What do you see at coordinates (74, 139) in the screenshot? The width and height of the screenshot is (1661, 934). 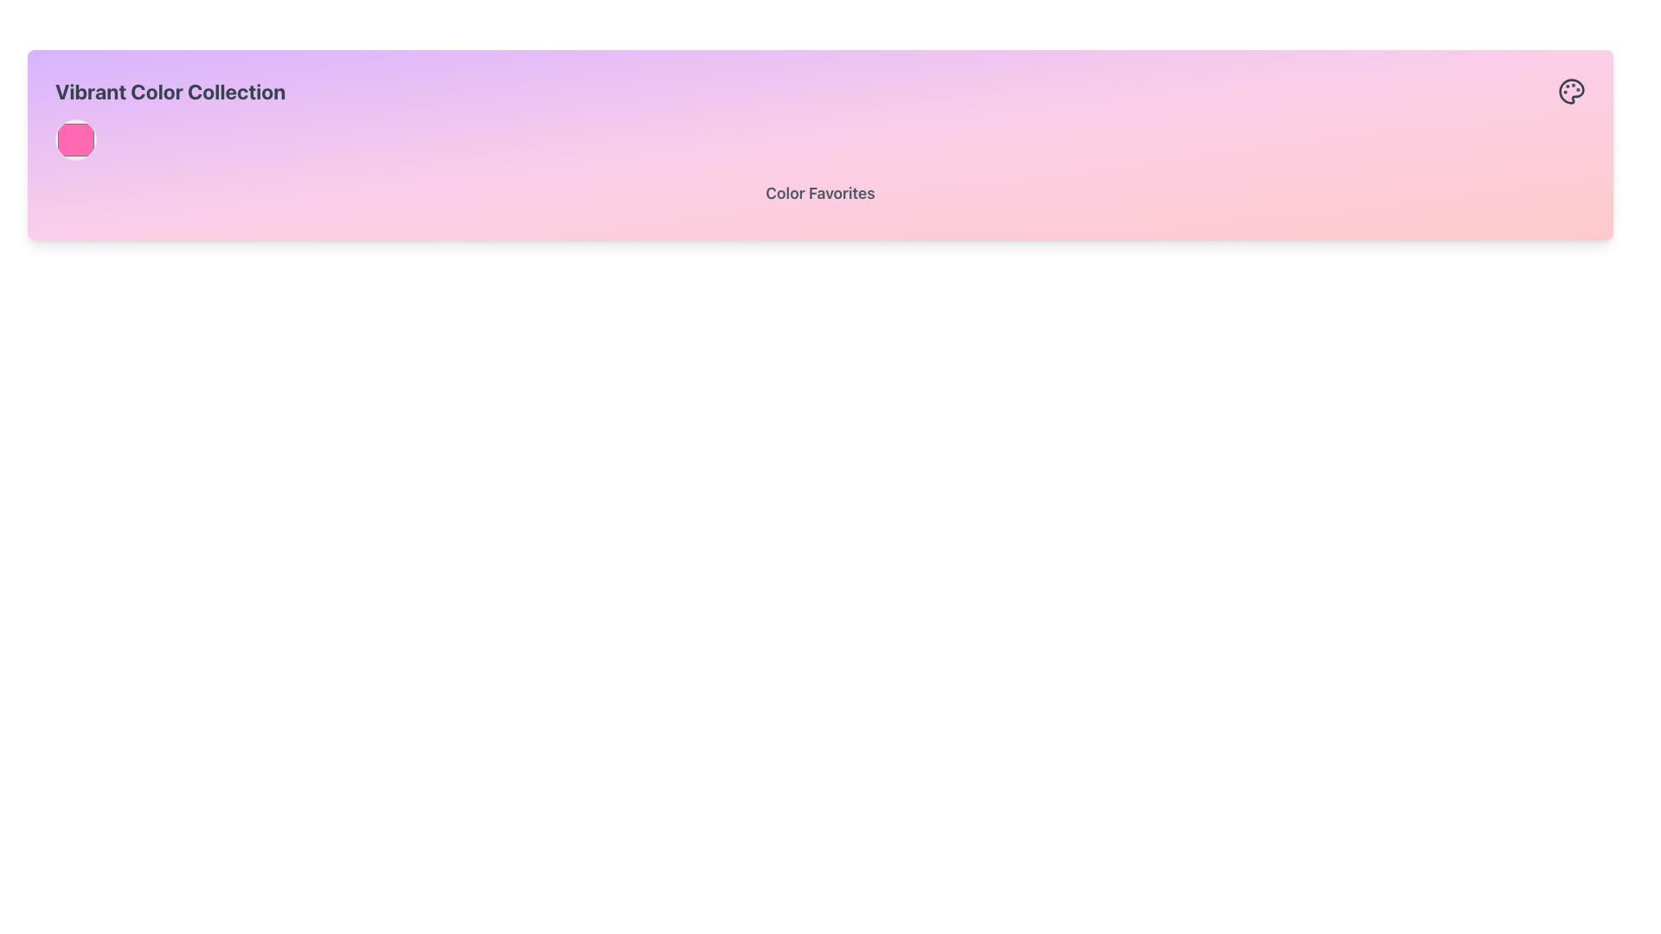 I see `the circular interactive button with a pink fill color located below the title 'Vibrant Color Collection'` at bounding box center [74, 139].